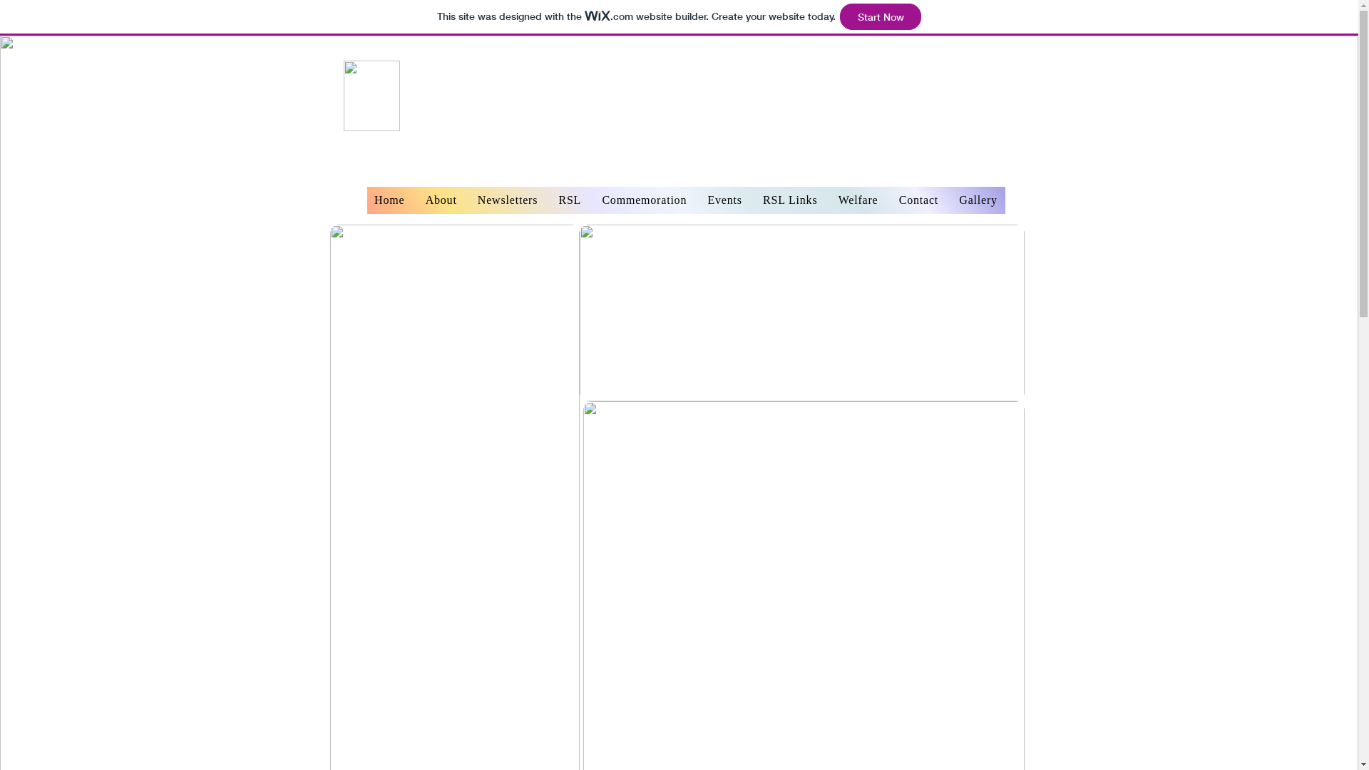  What do you see at coordinates (366, 200) in the screenshot?
I see `'Home'` at bounding box center [366, 200].